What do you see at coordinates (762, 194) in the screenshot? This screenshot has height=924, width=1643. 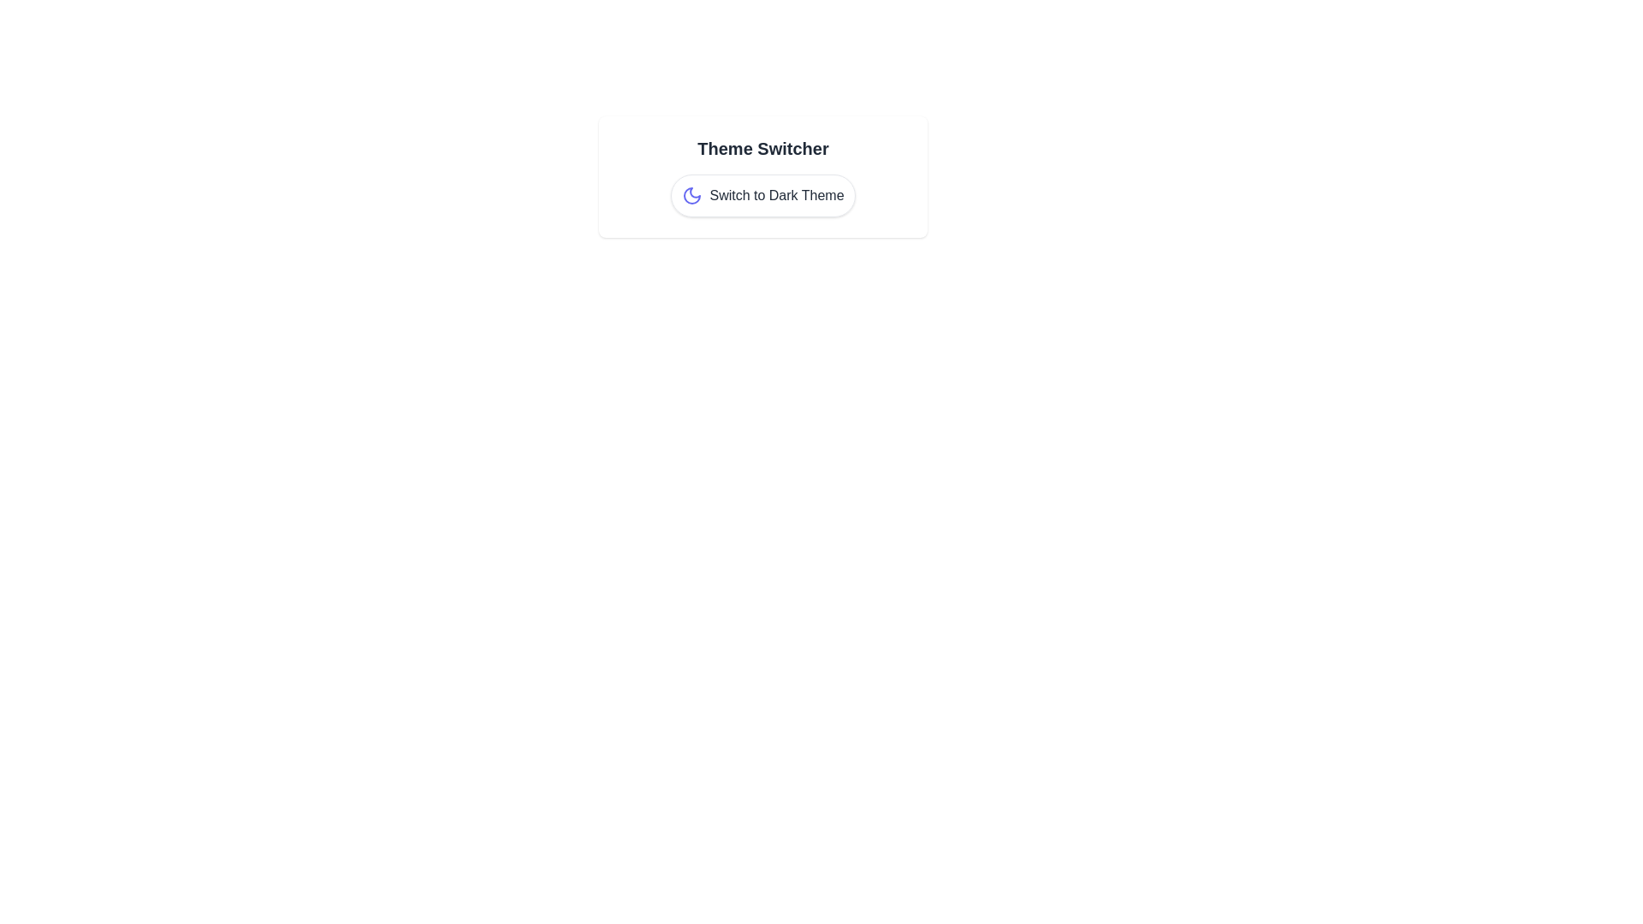 I see `center of the theme toggle button to switch themes` at bounding box center [762, 194].